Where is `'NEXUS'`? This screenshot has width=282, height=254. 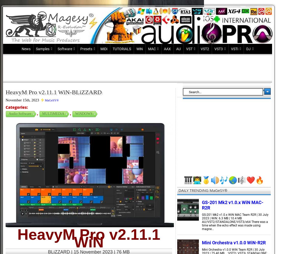 'NEXUS' is located at coordinates (86, 237).